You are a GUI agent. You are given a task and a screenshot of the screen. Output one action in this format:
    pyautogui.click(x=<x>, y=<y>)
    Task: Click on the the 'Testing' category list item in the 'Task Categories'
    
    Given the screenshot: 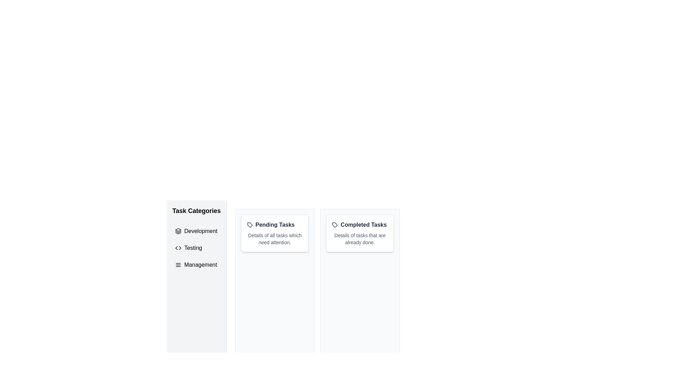 What is the action you would take?
    pyautogui.click(x=196, y=247)
    